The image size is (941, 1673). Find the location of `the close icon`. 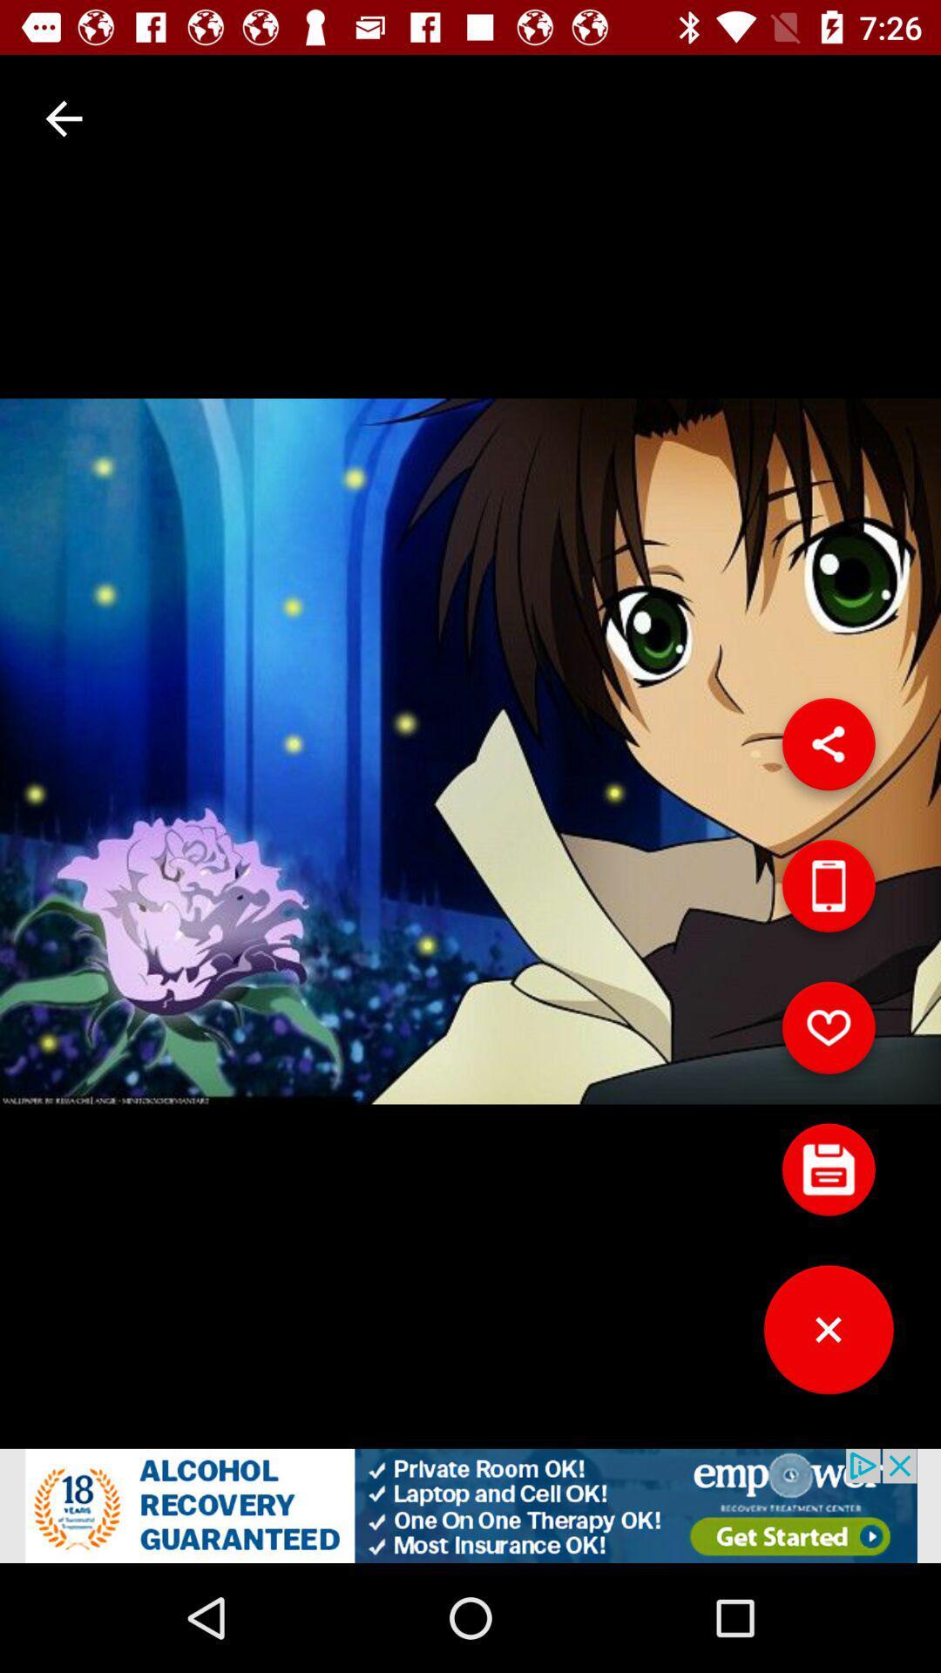

the close icon is located at coordinates (828, 1336).